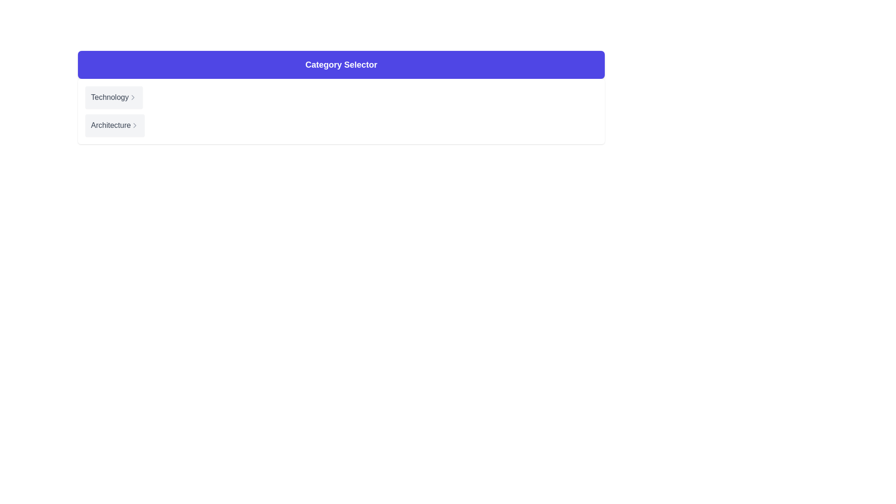 Image resolution: width=896 pixels, height=504 pixels. I want to click on the 'Architecture' button which is a rectangular UI element with a light gray background, rounded corners, and a shadow effect, located below the 'Technology' element in the menu, so click(114, 125).